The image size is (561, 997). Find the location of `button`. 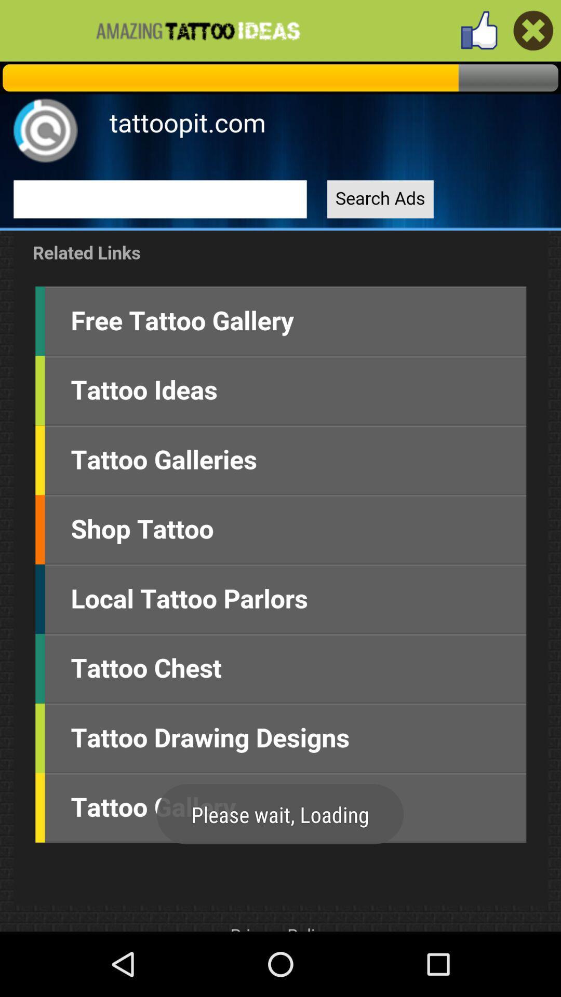

button is located at coordinates (533, 30).